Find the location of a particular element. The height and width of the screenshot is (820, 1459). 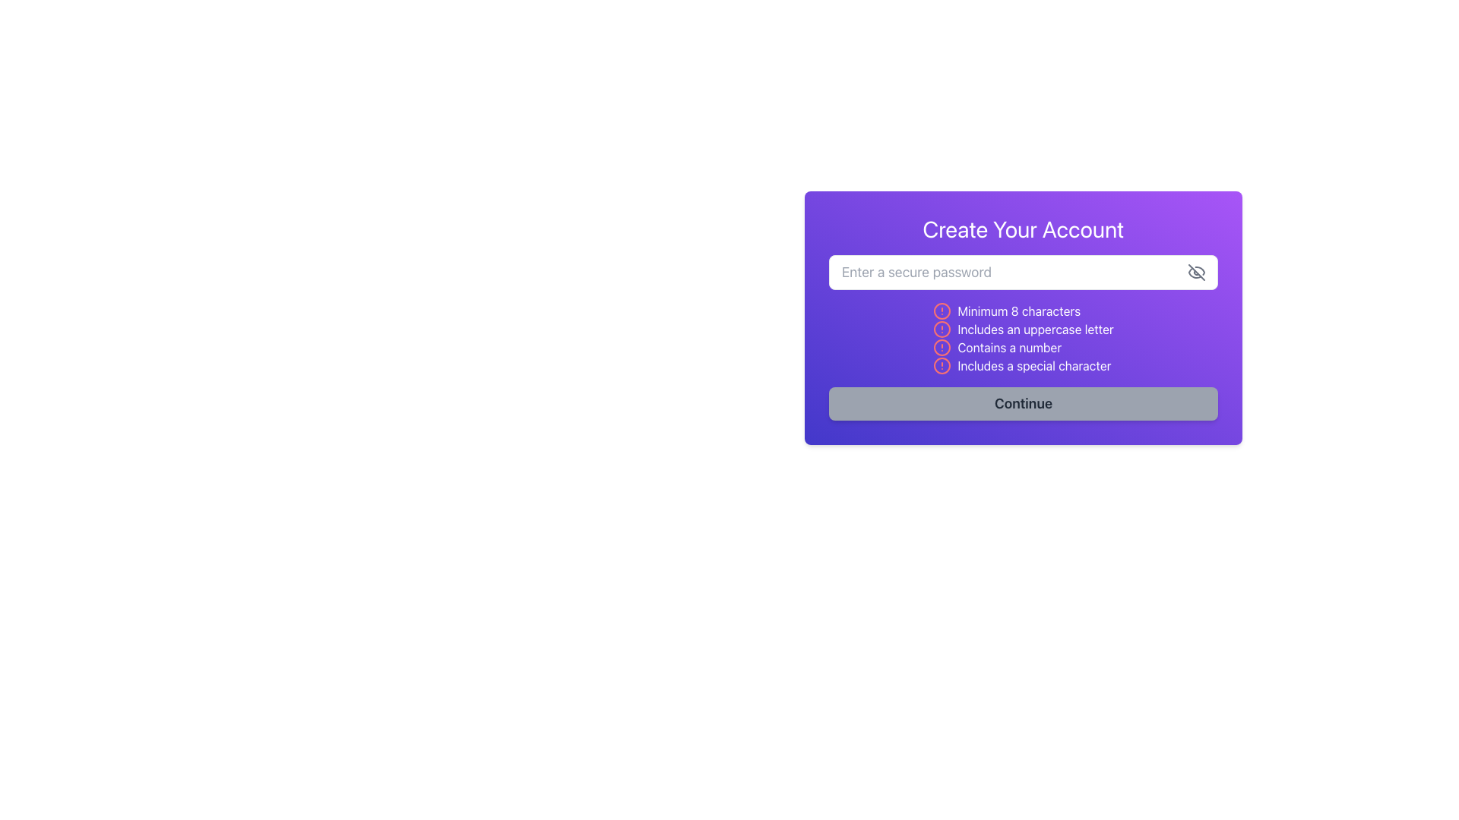

the small button with a crossed-out eye icon is located at coordinates (1195, 271).